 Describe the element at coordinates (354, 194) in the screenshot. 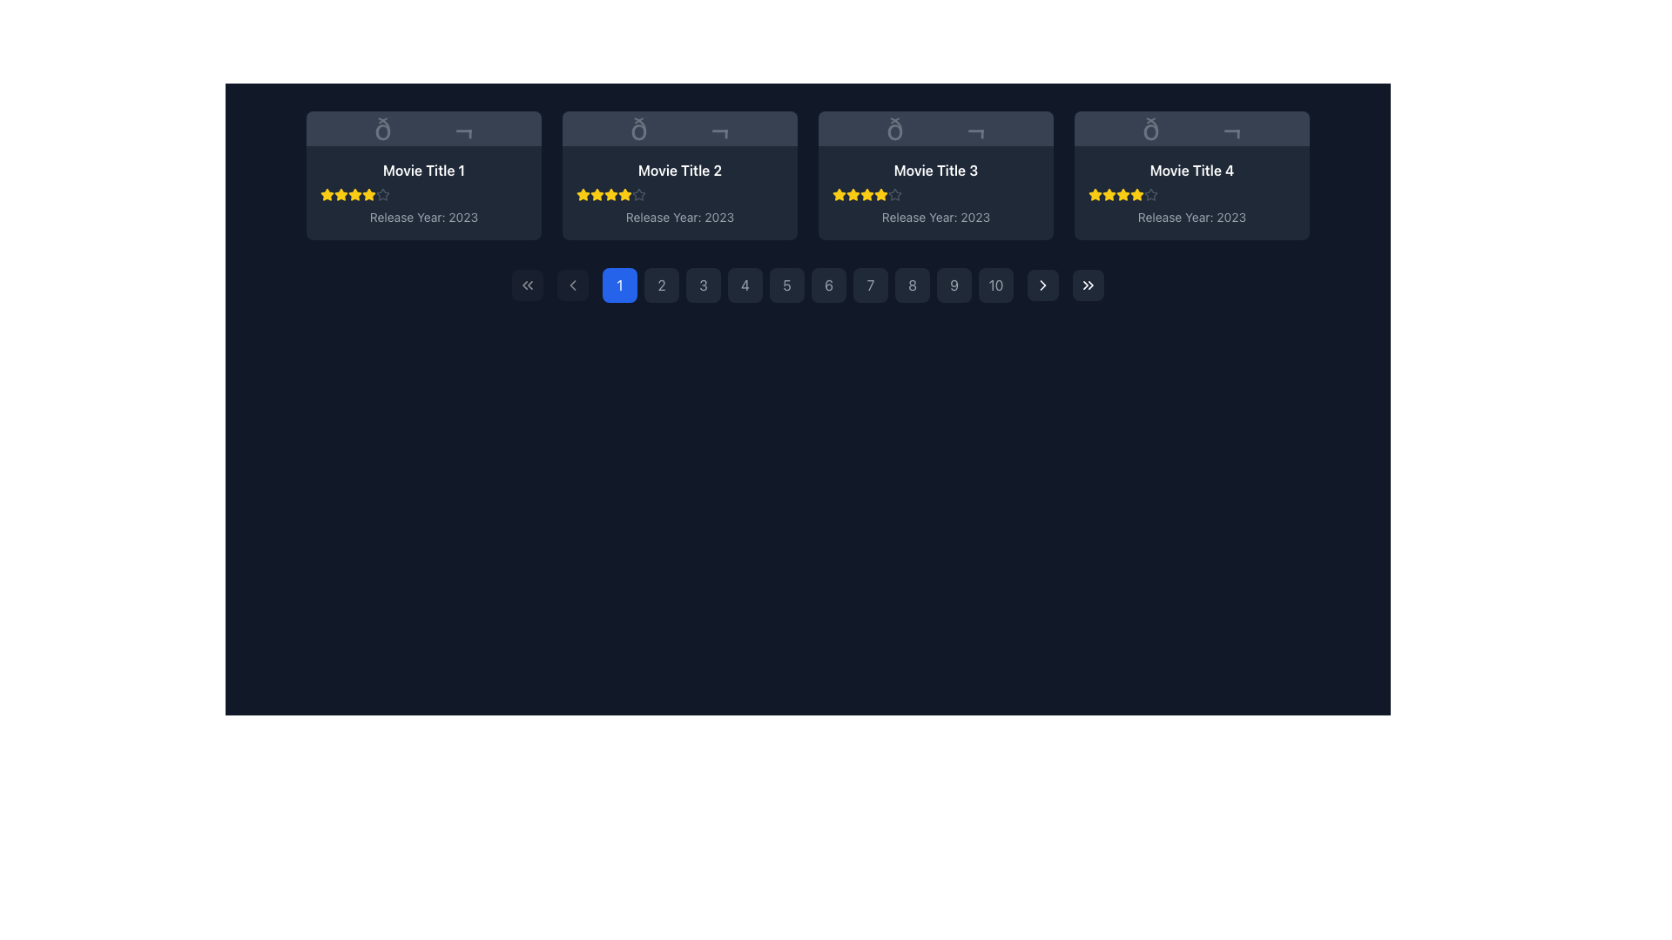

I see `the fourth yellow star icon representing the rating for 'Movie Title 1' located in the top-left area of the interface` at that location.